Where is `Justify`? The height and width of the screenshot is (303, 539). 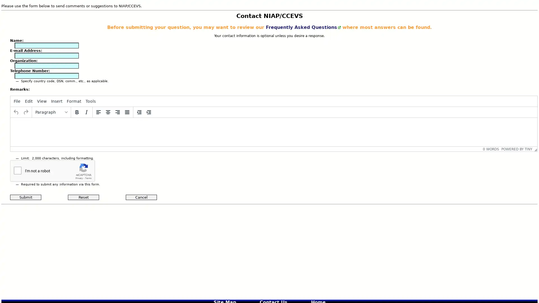
Justify is located at coordinates (127, 112).